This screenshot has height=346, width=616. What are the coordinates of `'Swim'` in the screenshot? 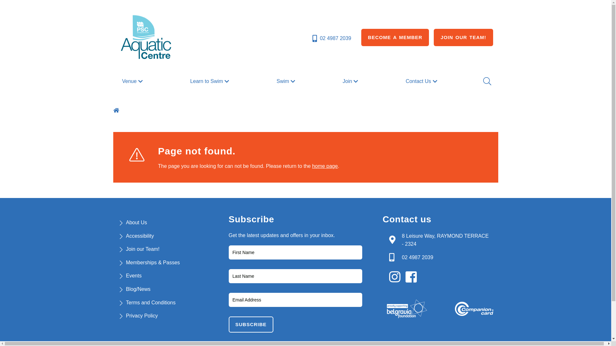 It's located at (286, 81).